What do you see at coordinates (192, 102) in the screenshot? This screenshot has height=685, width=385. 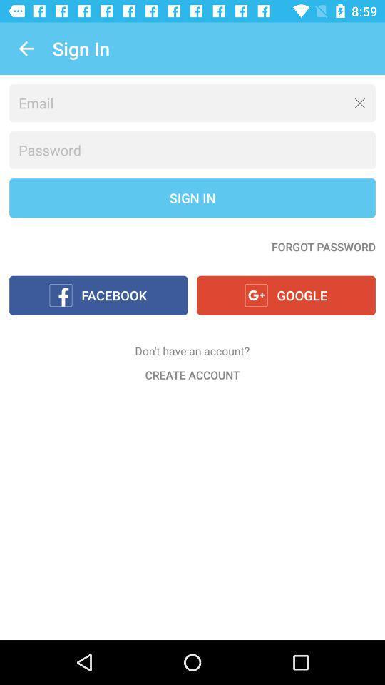 I see `sign-in email address` at bounding box center [192, 102].